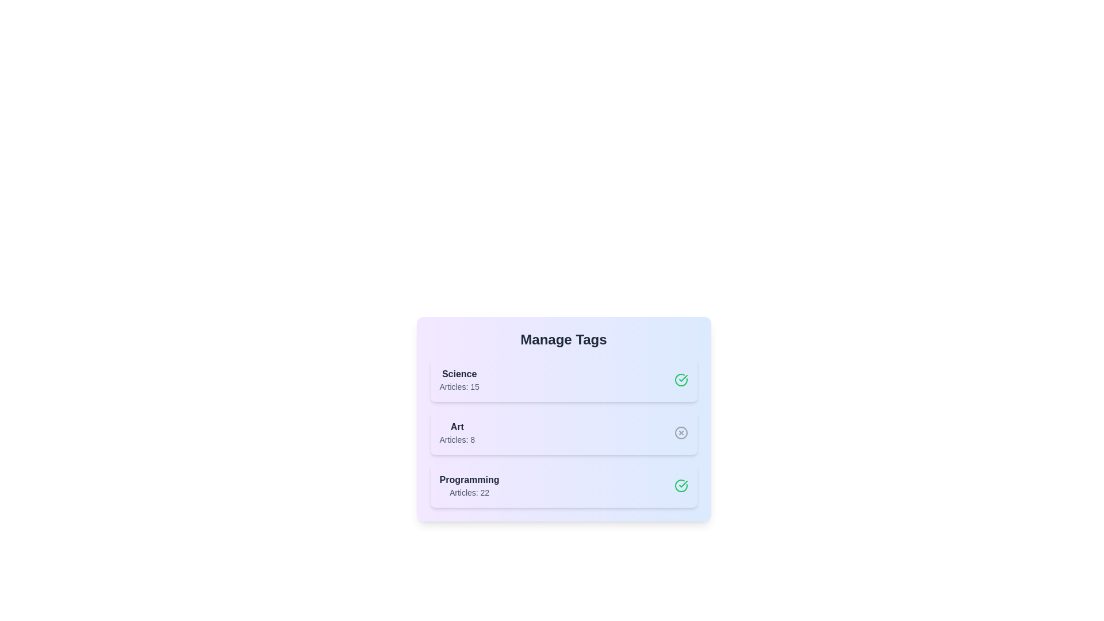  Describe the element at coordinates (563, 485) in the screenshot. I see `the tag labeled Programming` at that location.